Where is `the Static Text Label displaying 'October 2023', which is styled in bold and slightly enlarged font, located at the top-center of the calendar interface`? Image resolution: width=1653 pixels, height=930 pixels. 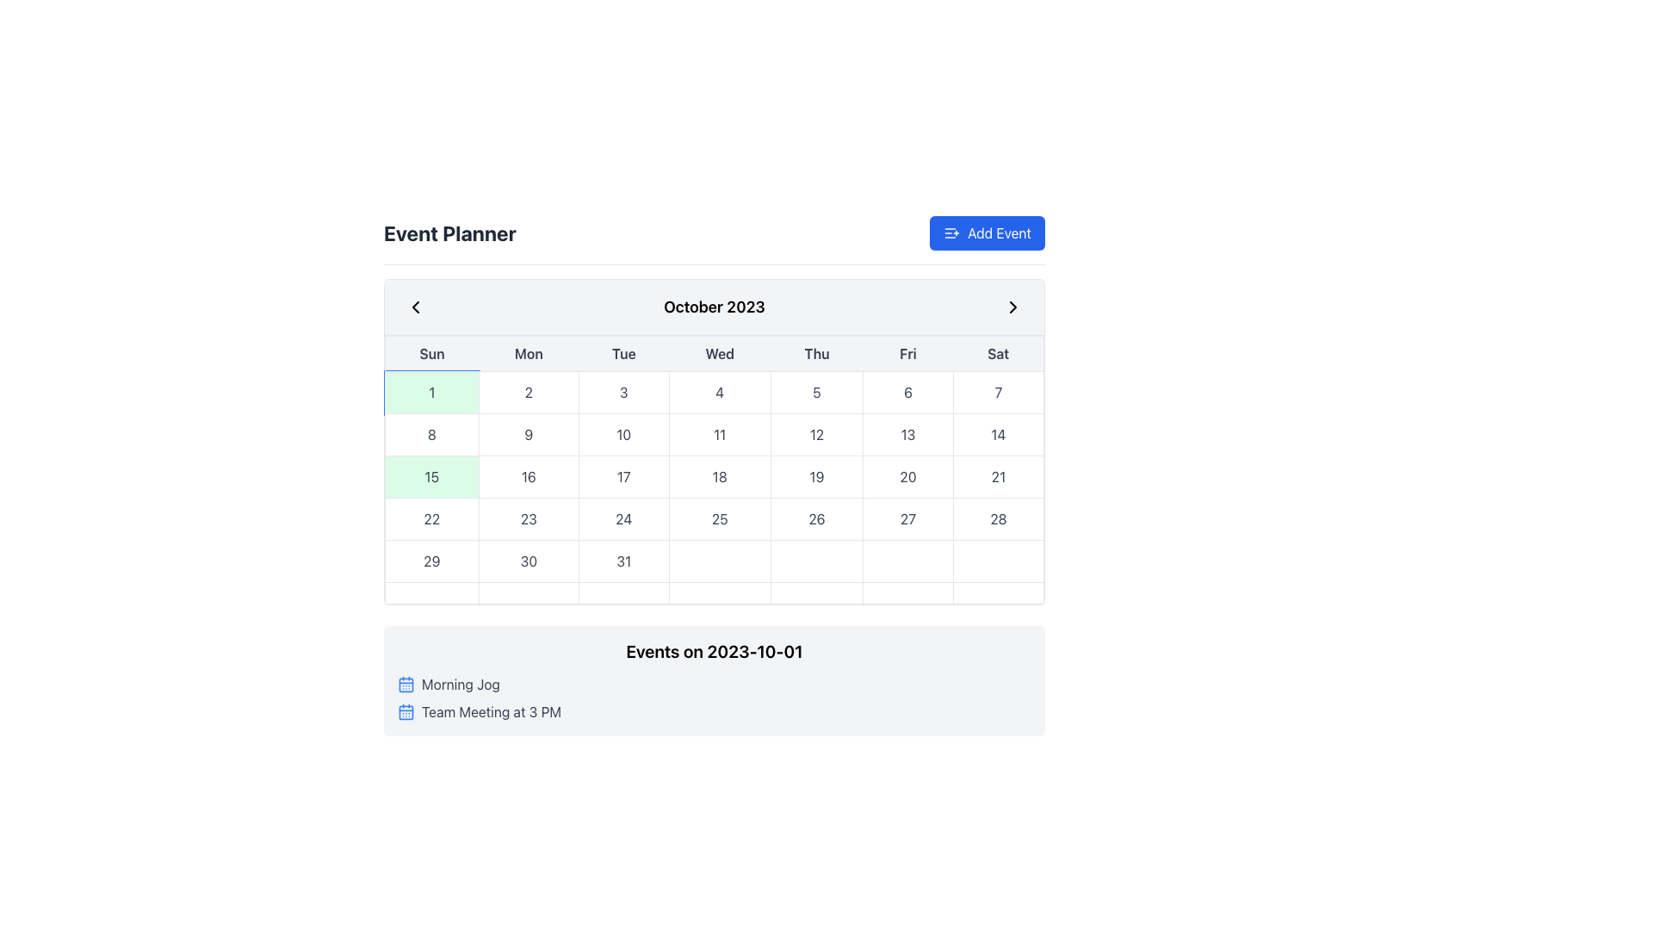 the Static Text Label displaying 'October 2023', which is styled in bold and slightly enlarged font, located at the top-center of the calendar interface is located at coordinates (715, 307).